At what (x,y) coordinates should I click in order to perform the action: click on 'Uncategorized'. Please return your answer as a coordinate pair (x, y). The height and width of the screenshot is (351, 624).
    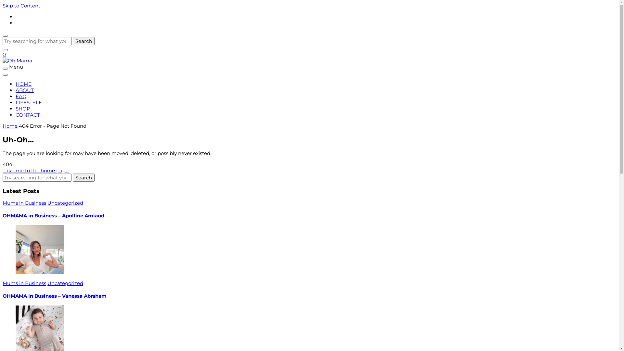
    Looking at the image, I should click on (65, 283).